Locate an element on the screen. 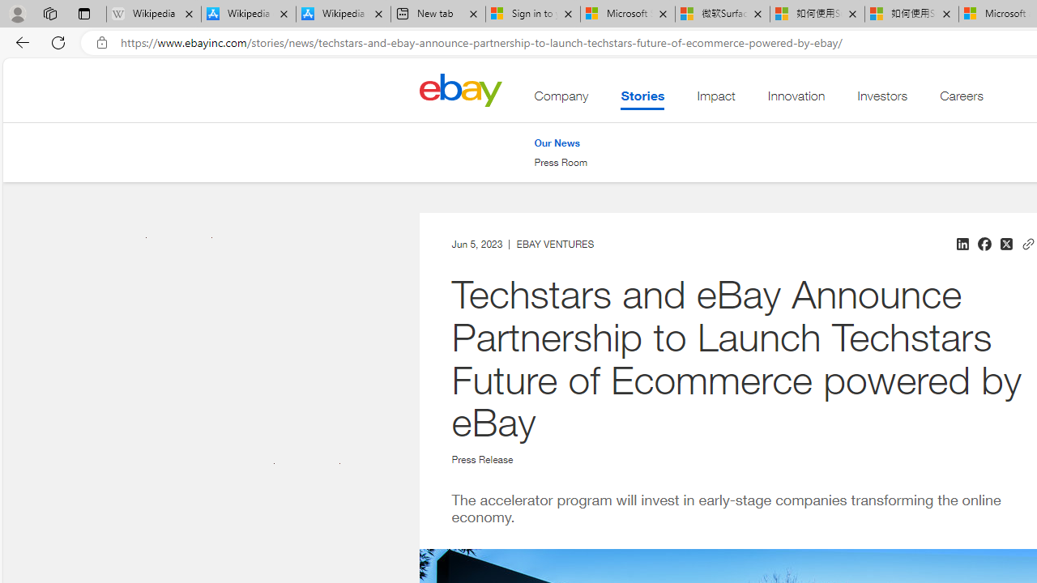 Image resolution: width=1037 pixels, height=583 pixels. 'Impact' is located at coordinates (715, 100).